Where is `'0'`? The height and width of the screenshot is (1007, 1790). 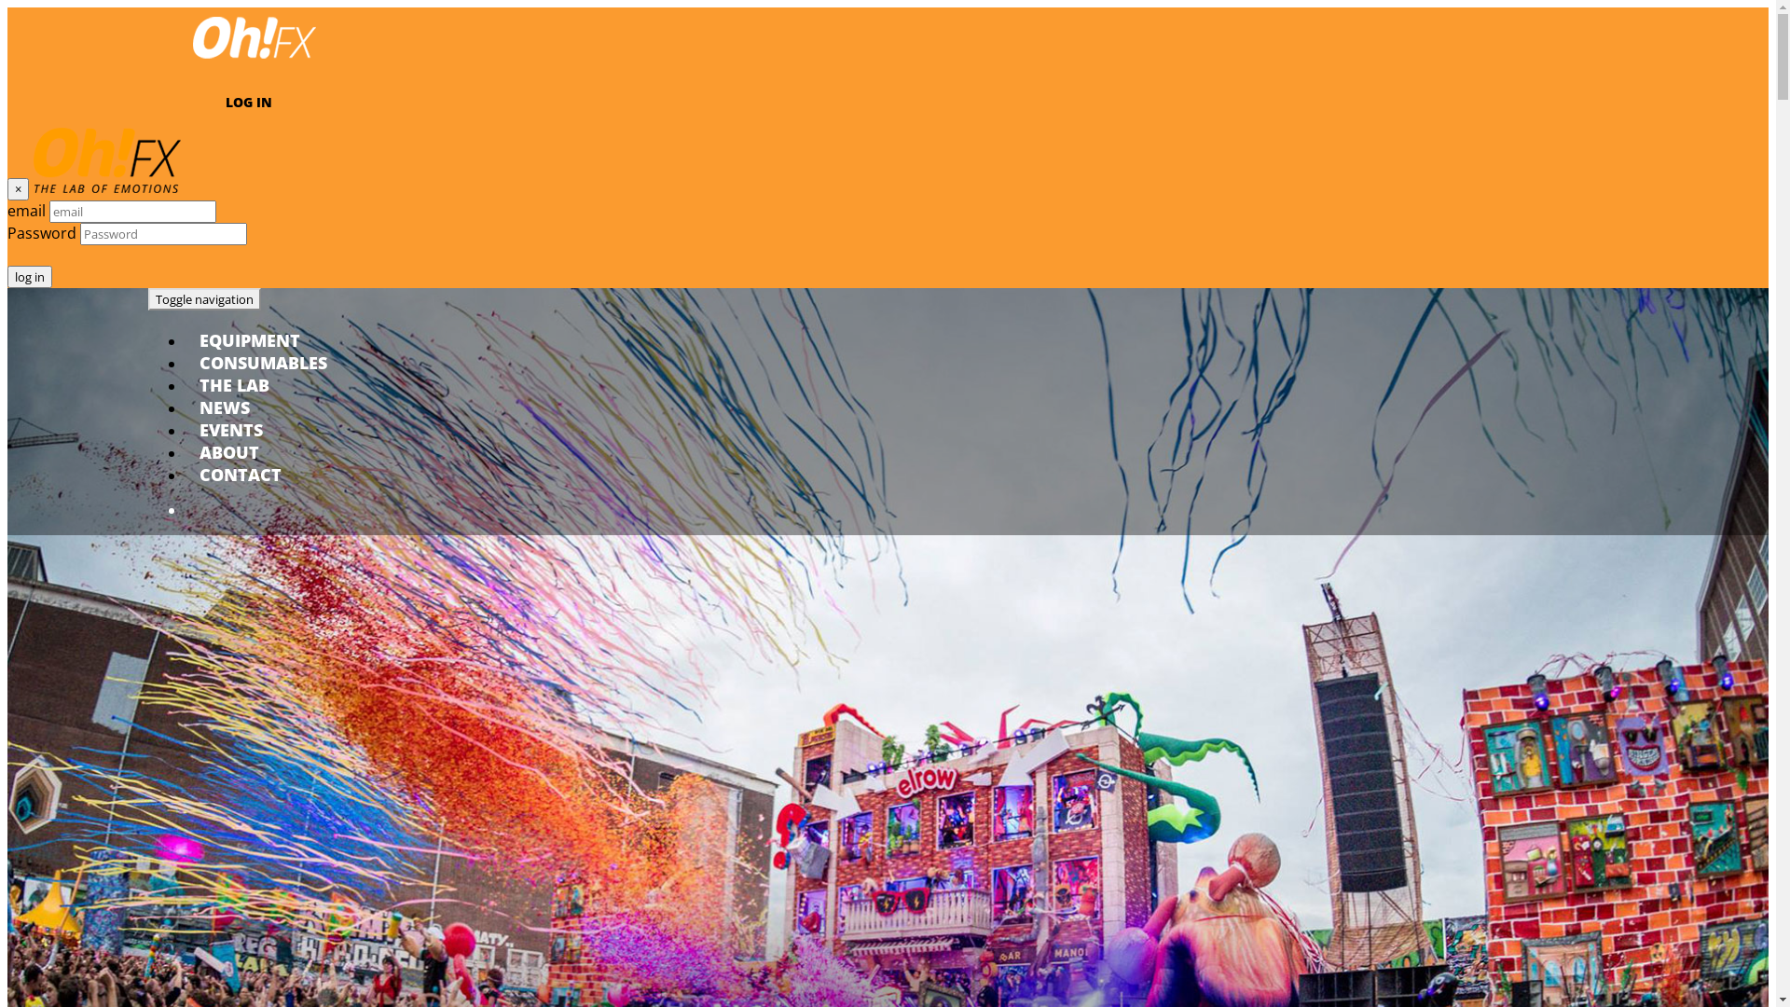
'0' is located at coordinates (311, 510).